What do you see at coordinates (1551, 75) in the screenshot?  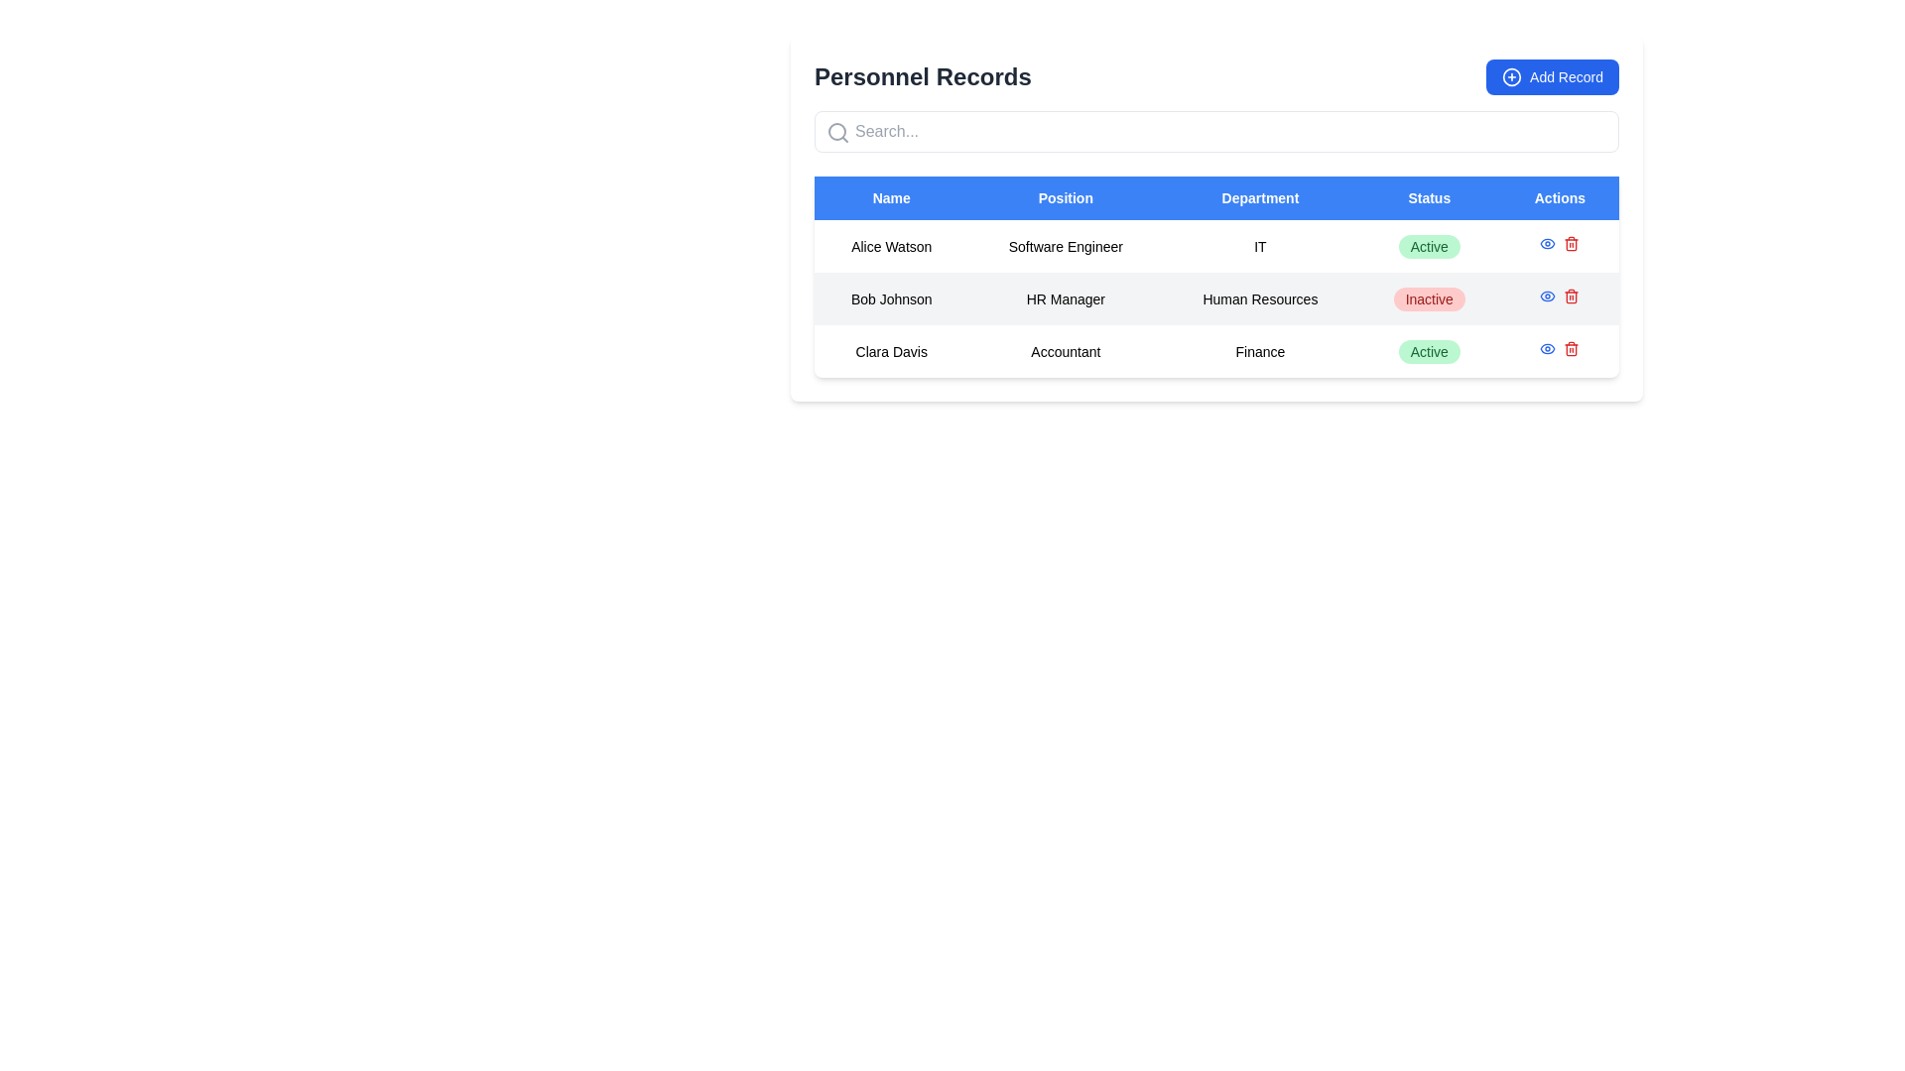 I see `the blue rectangular button labeled 'Add Record' with a '+' icon on the left, located in the top-right section of the header area adjacent to 'Personnel Records'` at bounding box center [1551, 75].